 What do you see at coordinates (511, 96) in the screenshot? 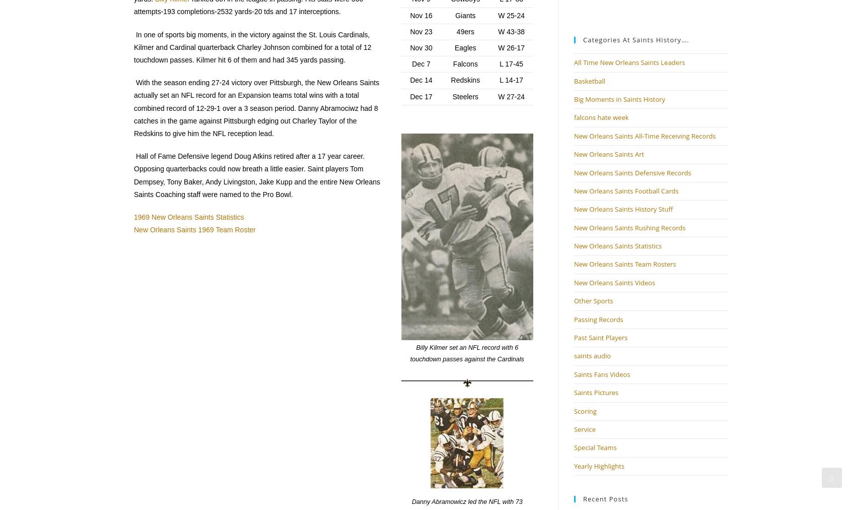
I see `'W 27-24'` at bounding box center [511, 96].